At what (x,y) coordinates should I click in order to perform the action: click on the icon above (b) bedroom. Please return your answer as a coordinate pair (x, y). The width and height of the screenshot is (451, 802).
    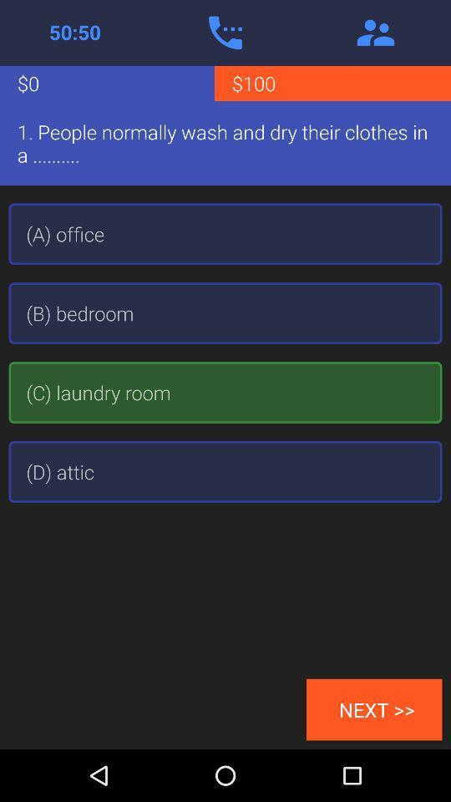
    Looking at the image, I should click on (225, 233).